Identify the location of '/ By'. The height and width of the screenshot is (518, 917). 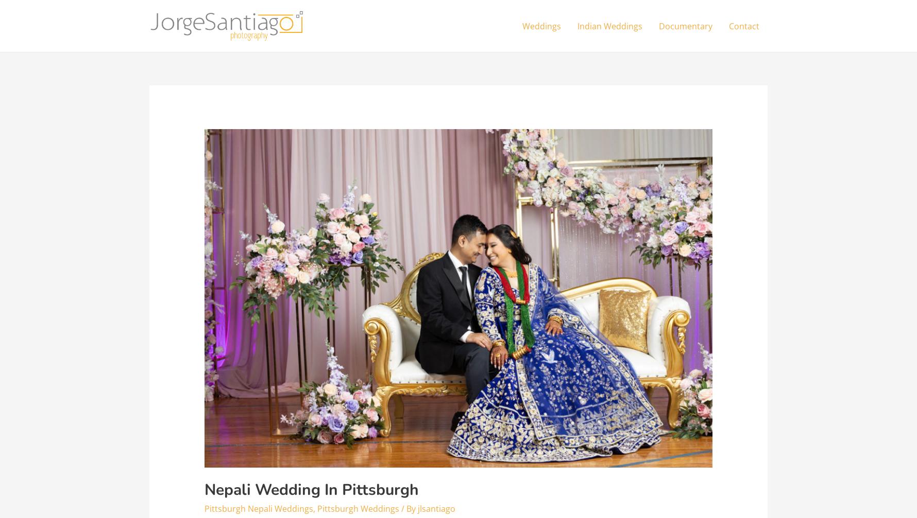
(398, 508).